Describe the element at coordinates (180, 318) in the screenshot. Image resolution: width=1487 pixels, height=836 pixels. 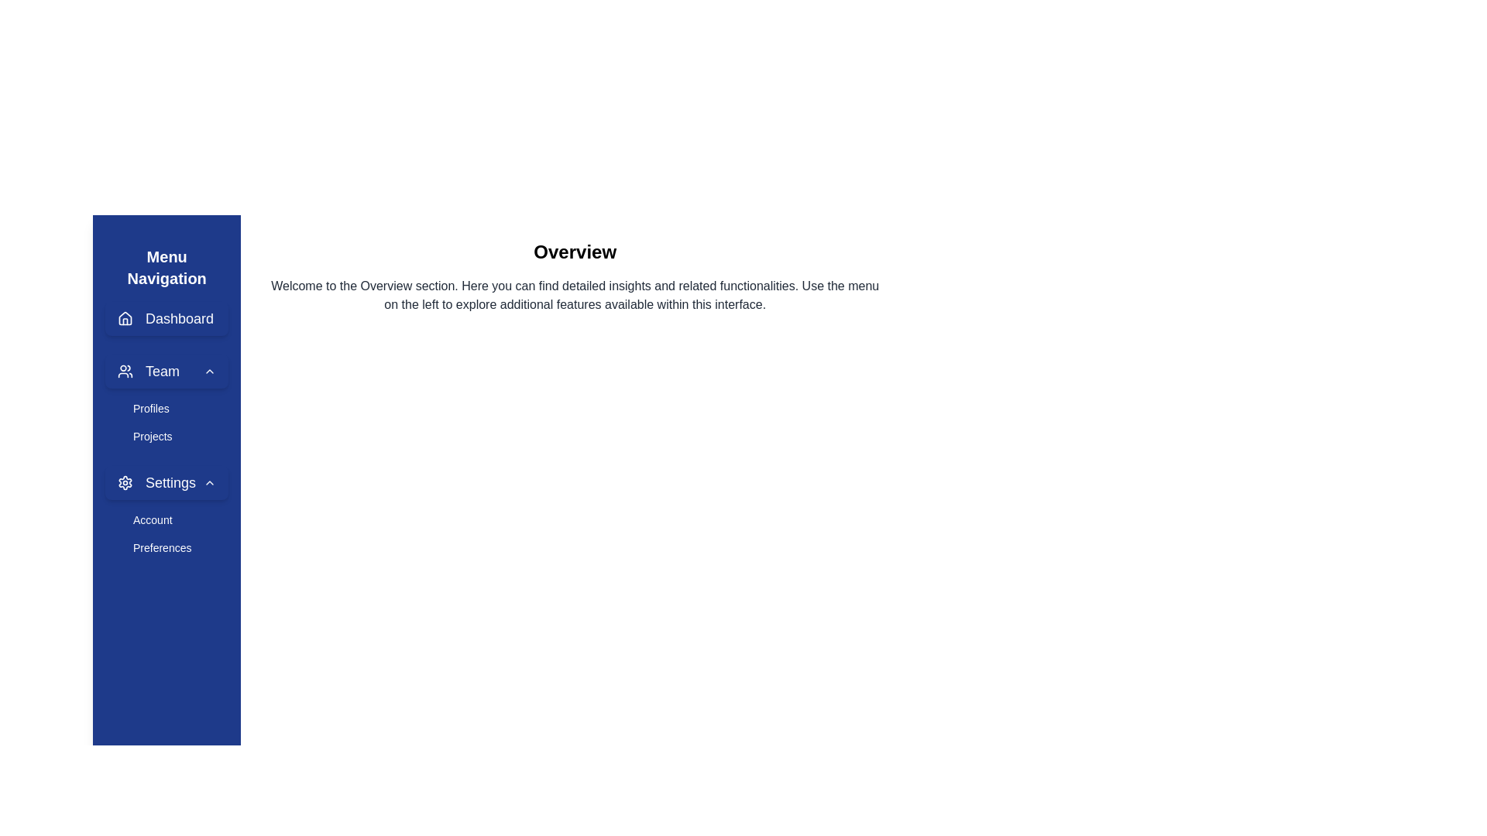
I see `the 'Dashboard' text label in the left-side navigation menu` at that location.